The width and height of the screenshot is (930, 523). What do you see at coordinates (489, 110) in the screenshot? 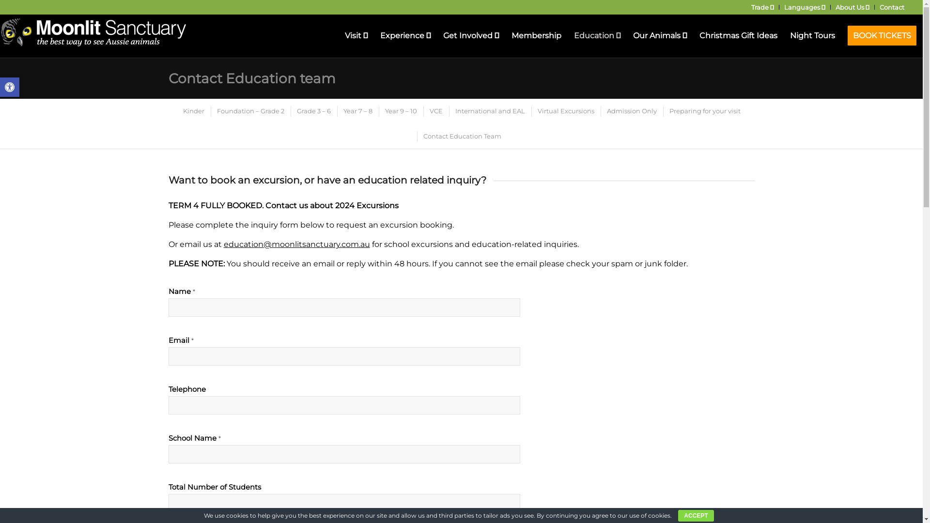
I see `'International and EAL'` at bounding box center [489, 110].